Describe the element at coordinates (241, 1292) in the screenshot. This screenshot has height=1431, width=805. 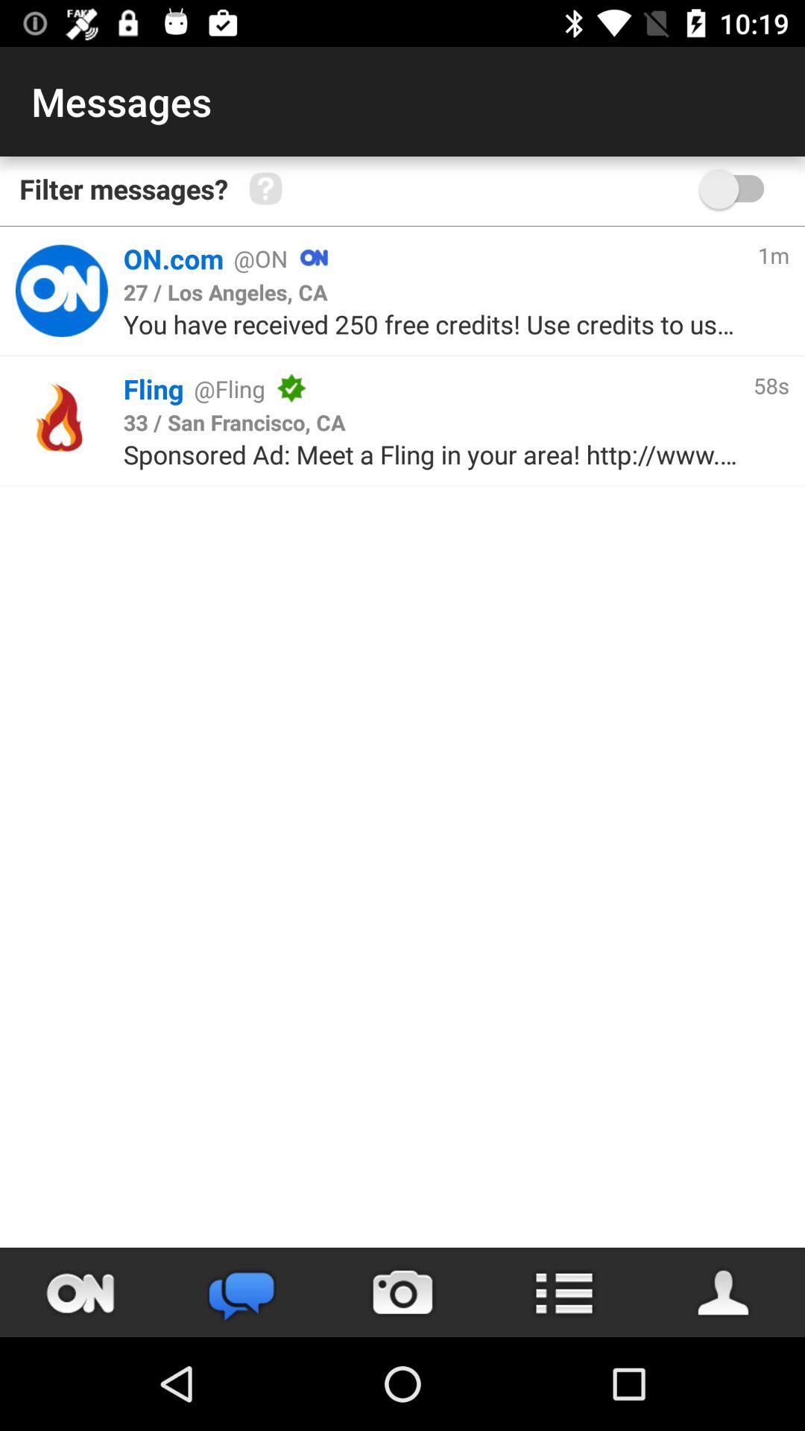
I see `the chat icon` at that location.